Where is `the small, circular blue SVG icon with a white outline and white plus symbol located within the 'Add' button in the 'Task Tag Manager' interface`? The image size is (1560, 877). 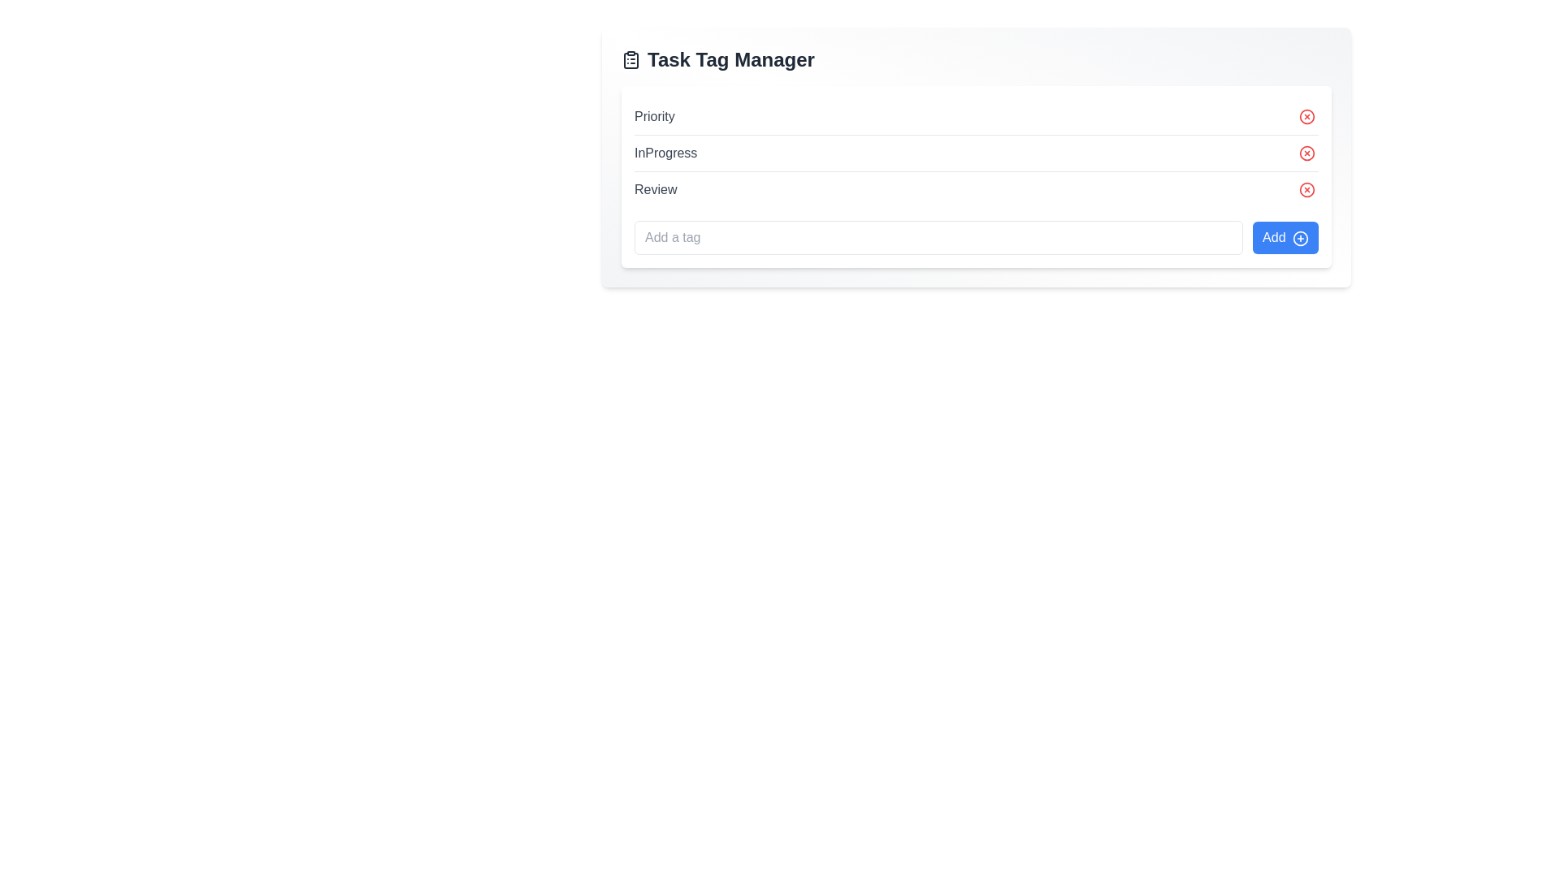
the small, circular blue SVG icon with a white outline and white plus symbol located within the 'Add' button in the 'Task Tag Manager' interface is located at coordinates (1301, 238).